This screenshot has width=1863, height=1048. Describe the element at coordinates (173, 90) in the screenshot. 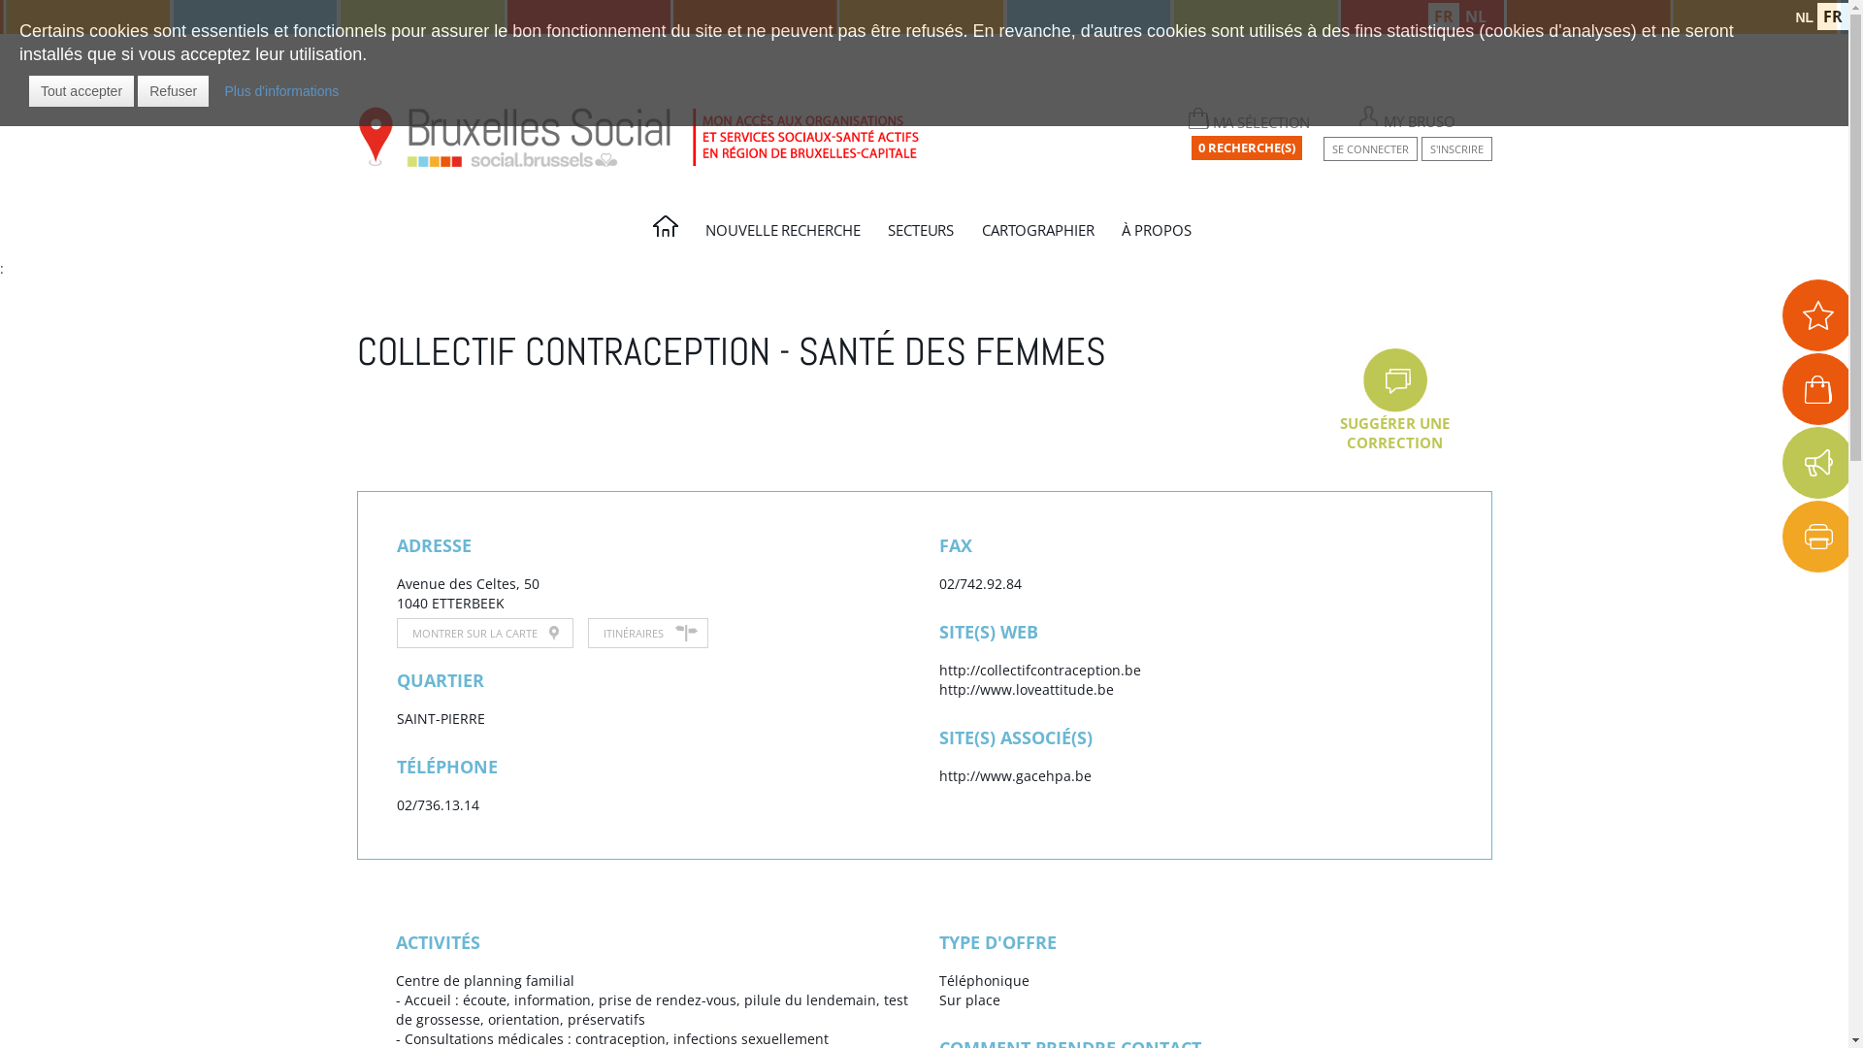

I see `'Refuser'` at that location.